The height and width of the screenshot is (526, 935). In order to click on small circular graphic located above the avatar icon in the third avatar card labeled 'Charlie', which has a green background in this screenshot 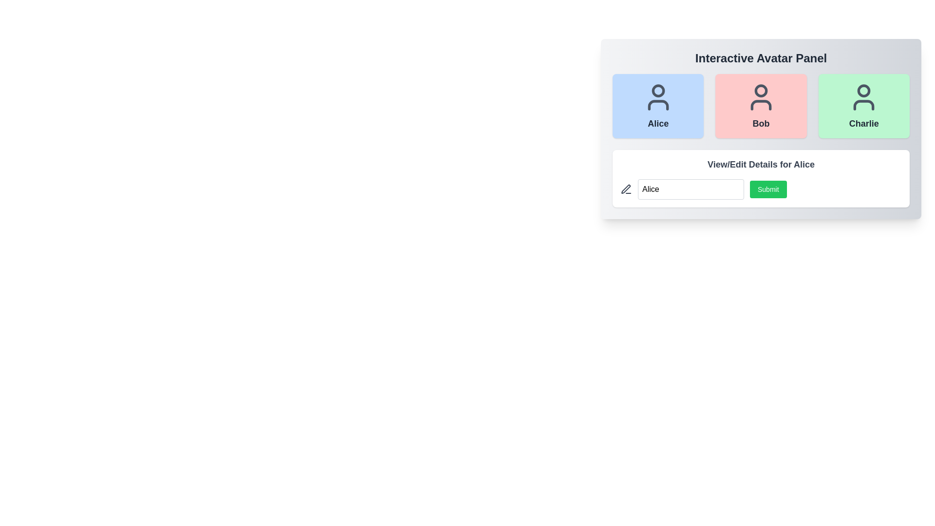, I will do `click(864, 91)`.